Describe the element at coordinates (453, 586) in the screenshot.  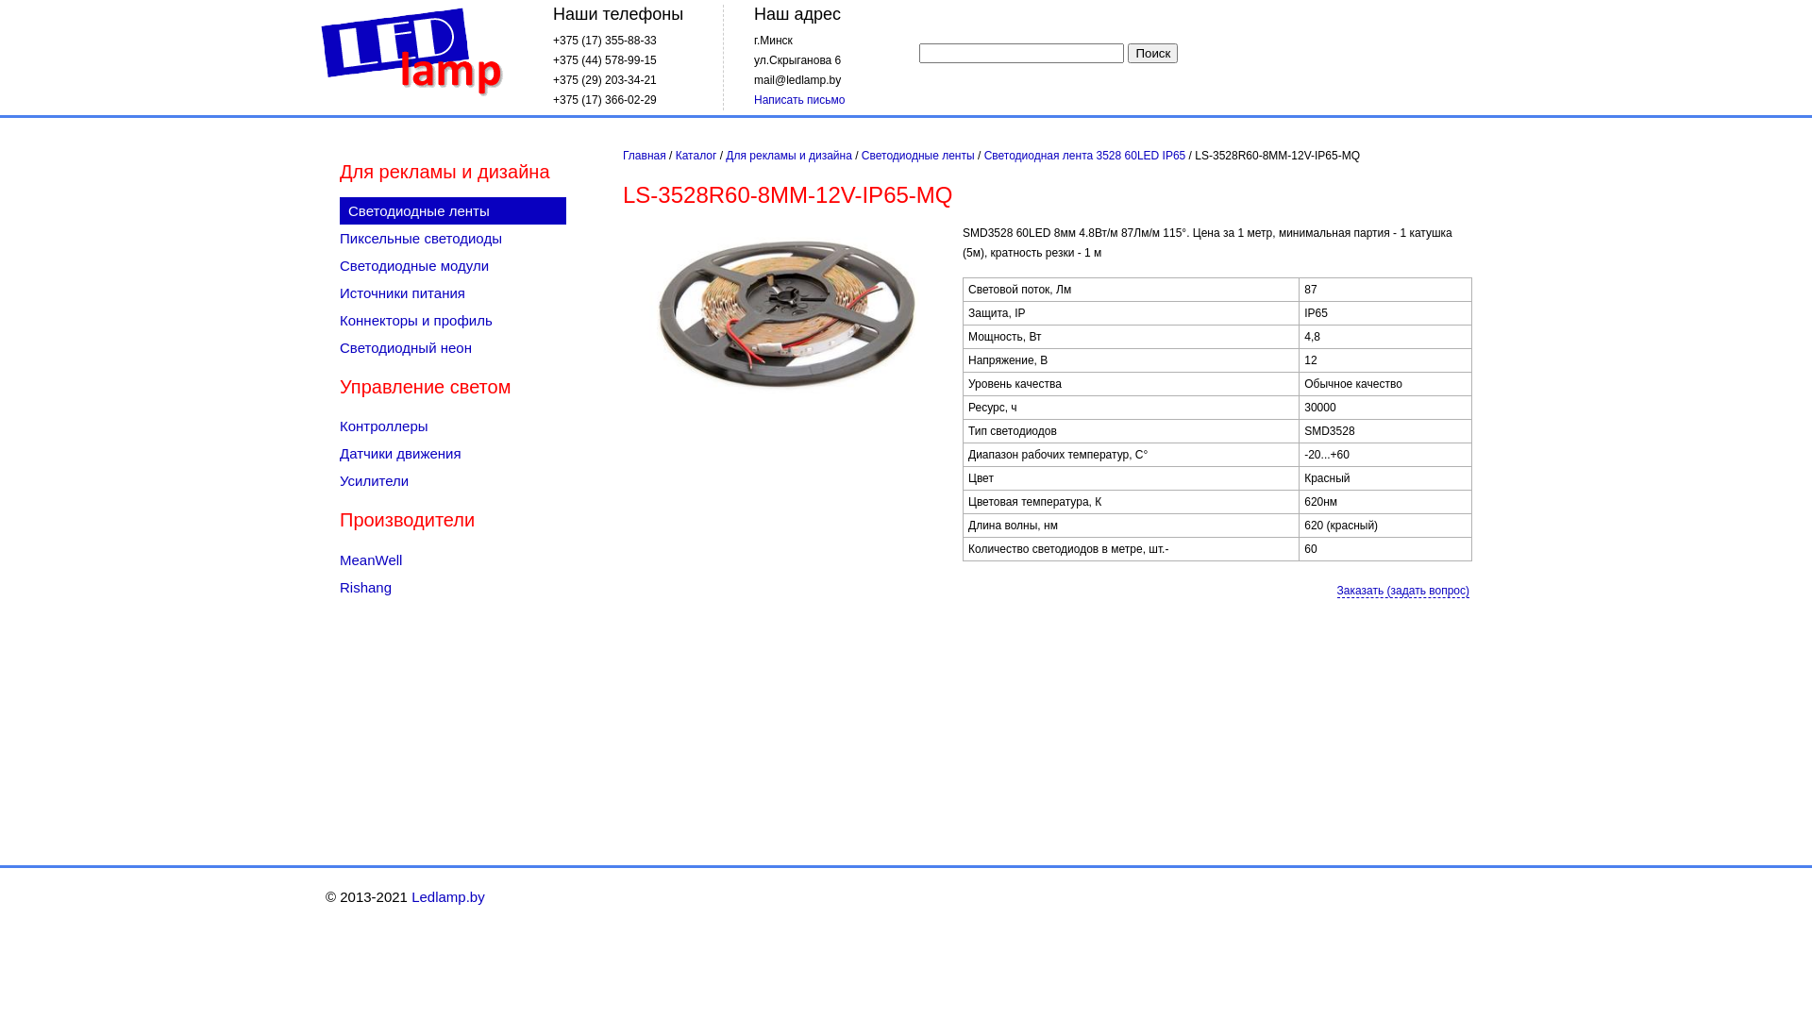
I see `'Rishang'` at that location.